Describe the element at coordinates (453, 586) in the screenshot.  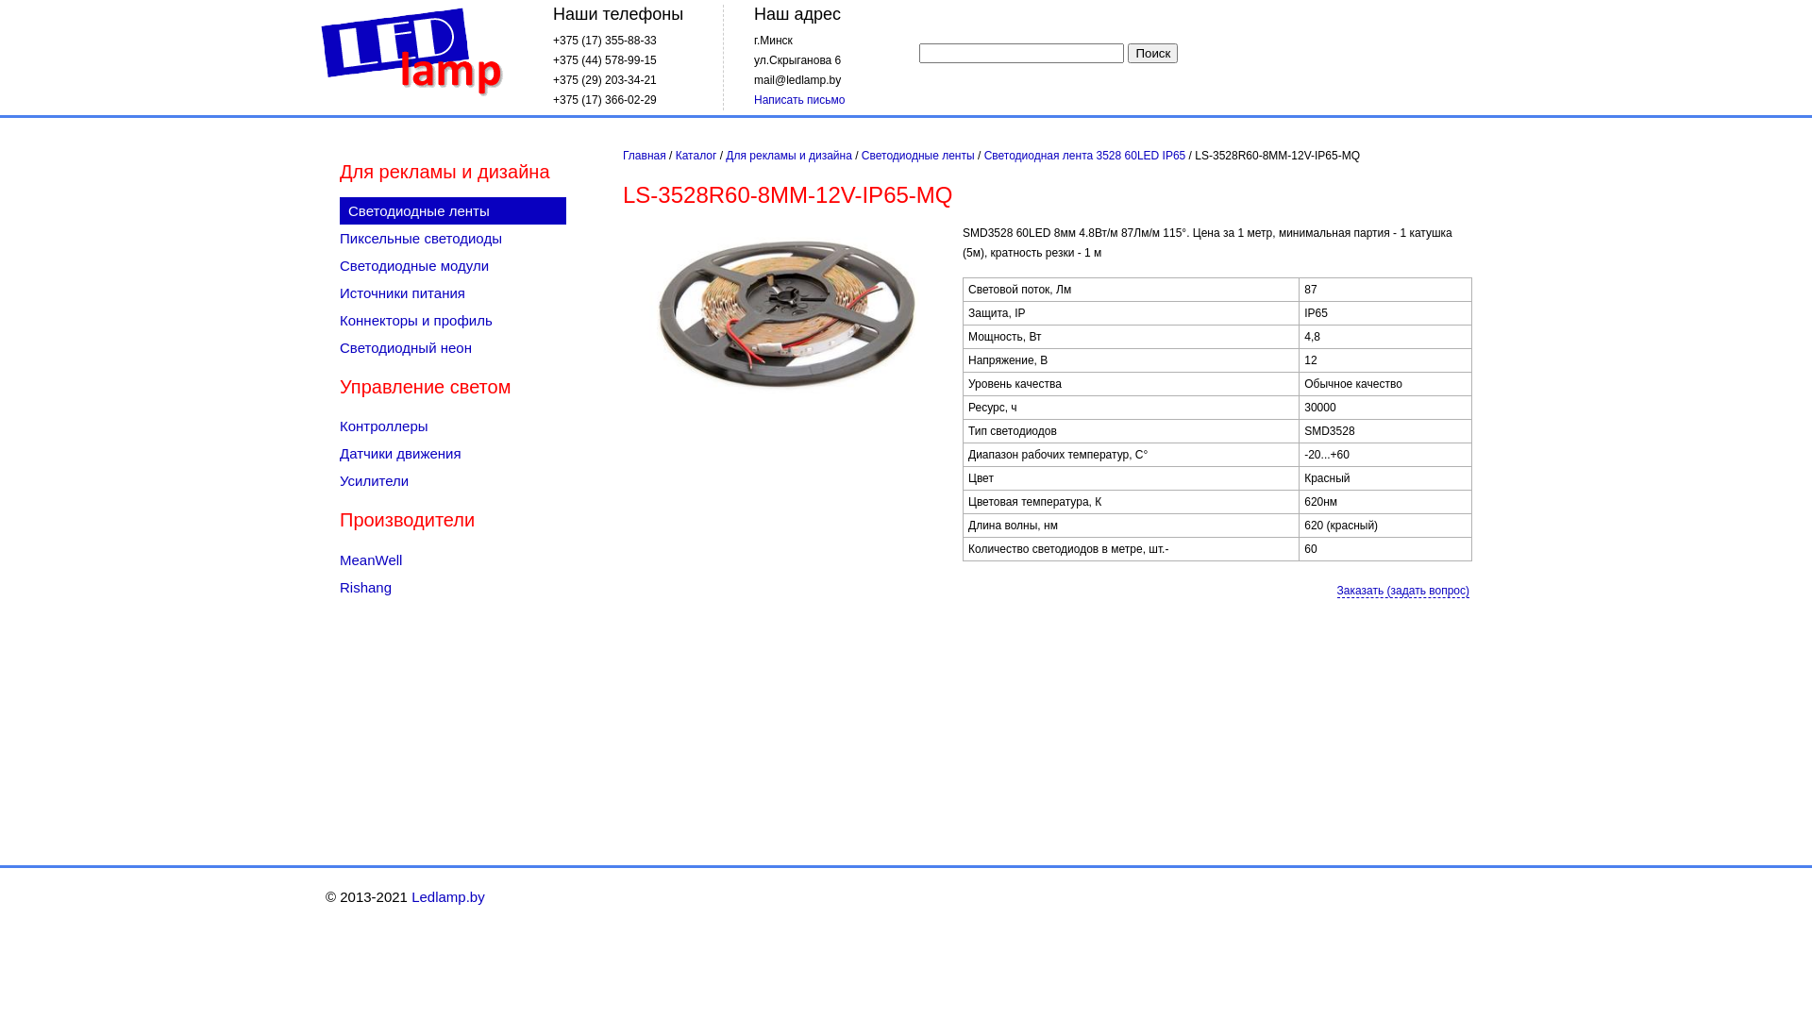
I see `'Rishang'` at that location.